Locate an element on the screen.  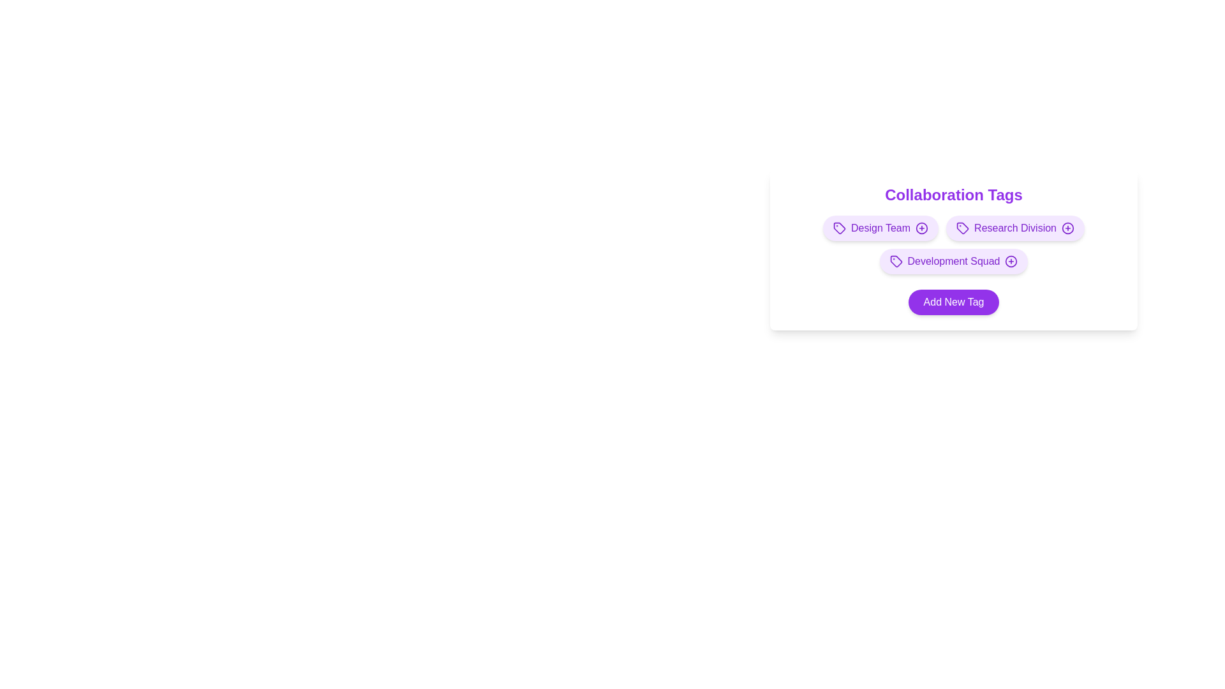
remove icon next to the tag labeled Development Squad to delete it is located at coordinates (1011, 260).